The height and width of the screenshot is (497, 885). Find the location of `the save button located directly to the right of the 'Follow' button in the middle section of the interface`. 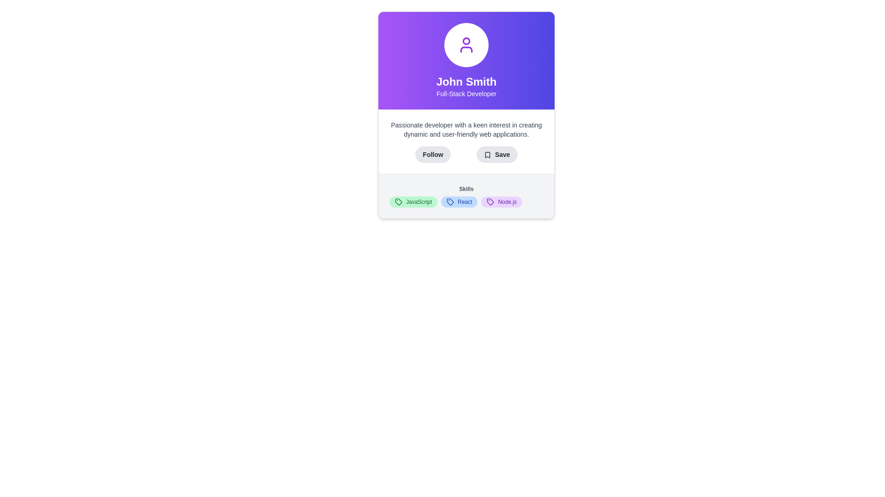

the save button located directly to the right of the 'Follow' button in the middle section of the interface is located at coordinates (496, 154).